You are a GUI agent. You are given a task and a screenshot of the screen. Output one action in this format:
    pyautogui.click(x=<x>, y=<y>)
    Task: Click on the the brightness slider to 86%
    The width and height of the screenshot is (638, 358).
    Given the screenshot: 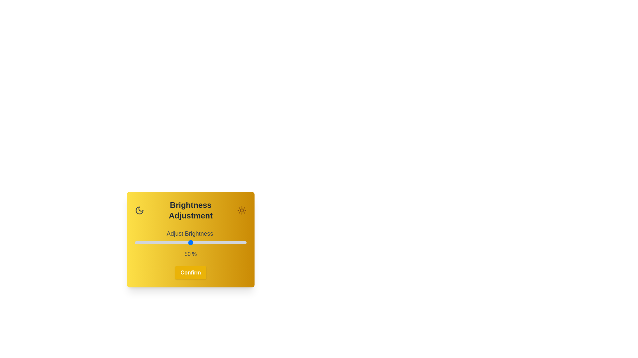 What is the action you would take?
    pyautogui.click(x=231, y=243)
    